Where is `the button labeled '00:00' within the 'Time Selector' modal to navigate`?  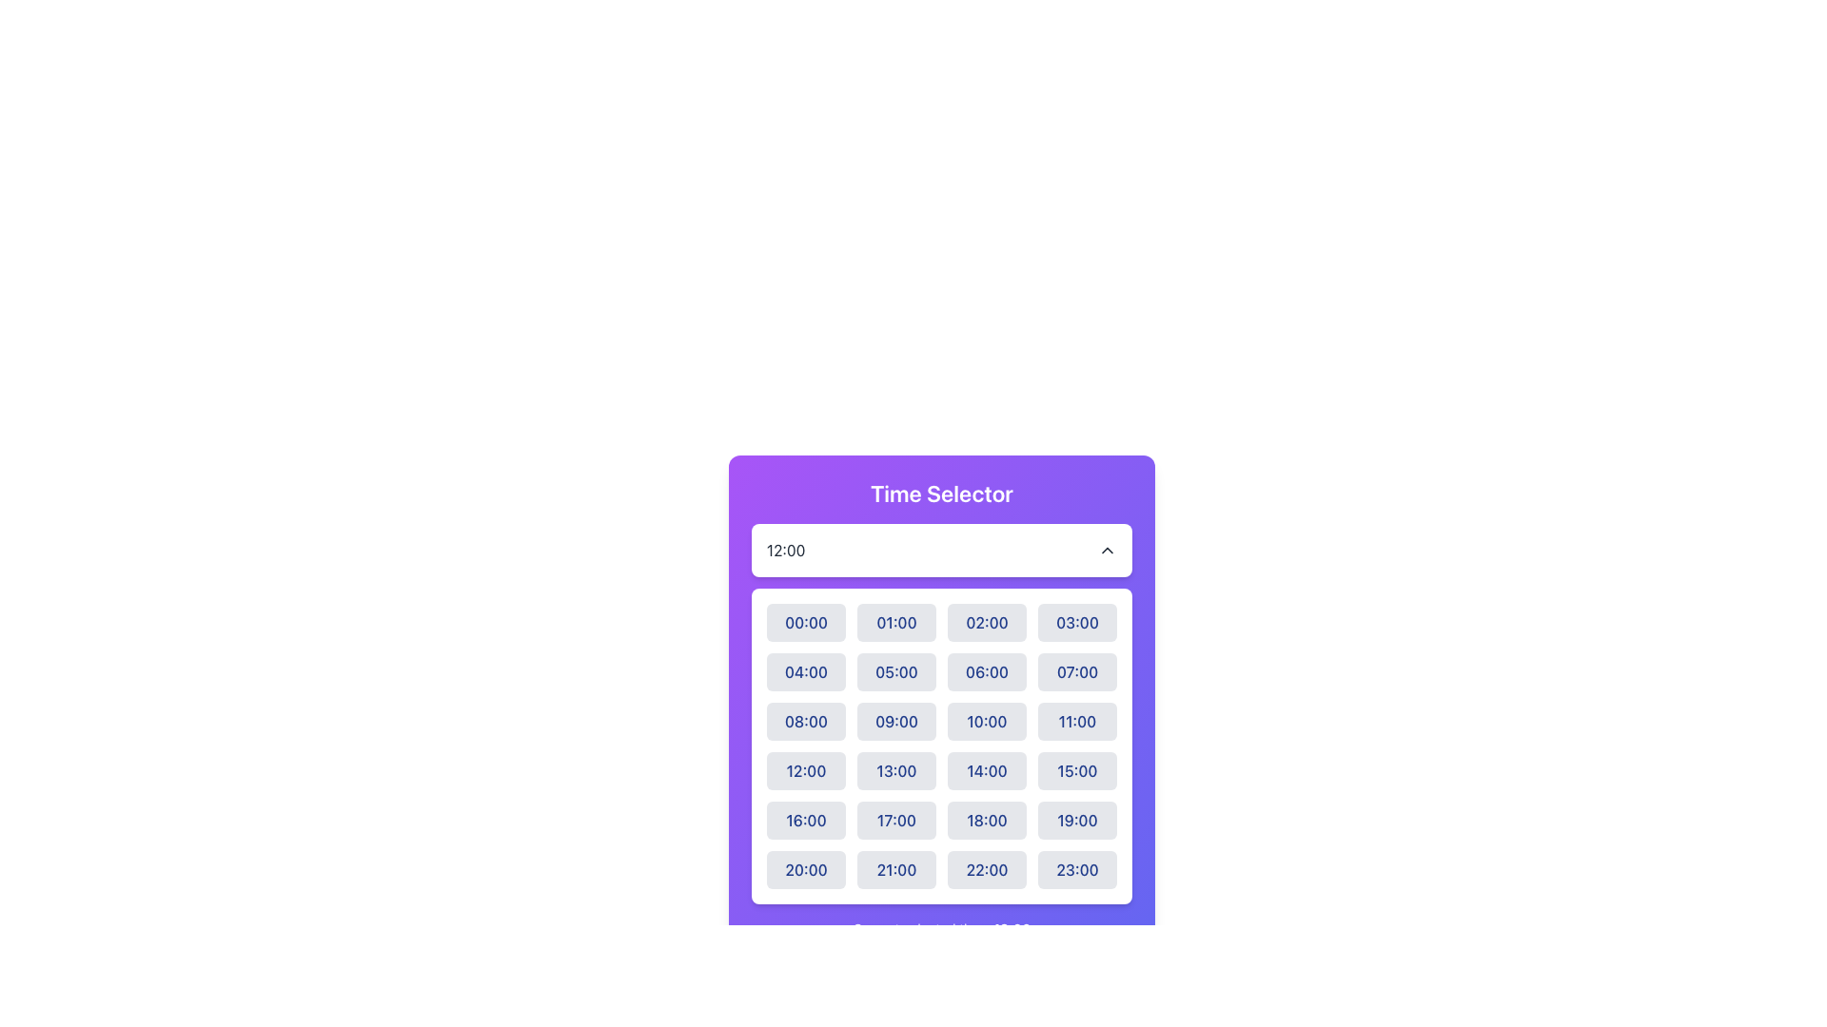 the button labeled '00:00' within the 'Time Selector' modal to navigate is located at coordinates (806, 623).